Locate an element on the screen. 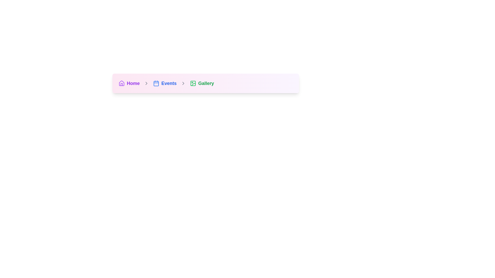 Image resolution: width=495 pixels, height=278 pixels. the SVG arrow icon that serves as a visual delimiter between the 'Events' and 'Gallery' links in the breadcrumb navigation is located at coordinates (183, 83).